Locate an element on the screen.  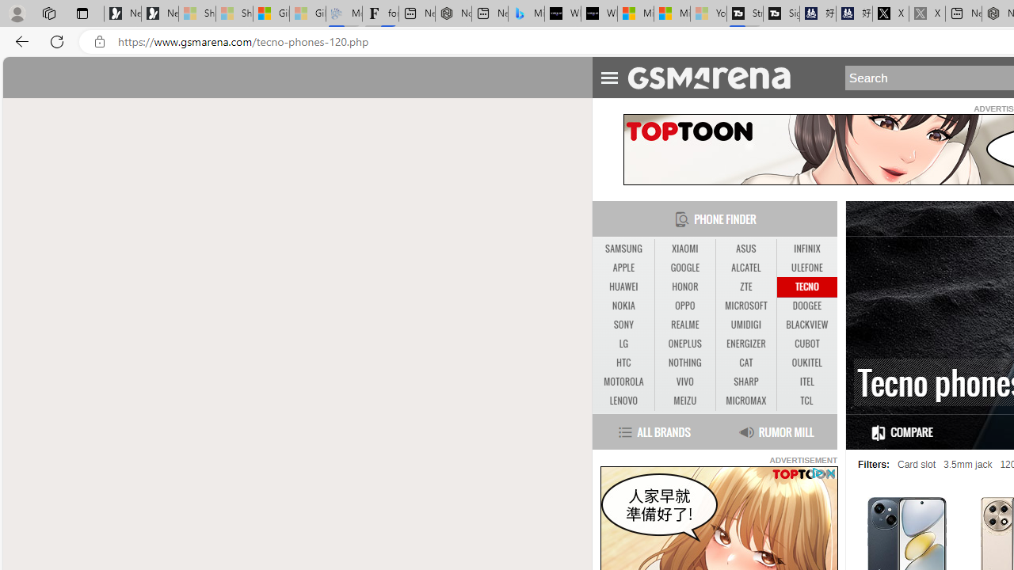
'MOTOROLA' is located at coordinates (623, 382).